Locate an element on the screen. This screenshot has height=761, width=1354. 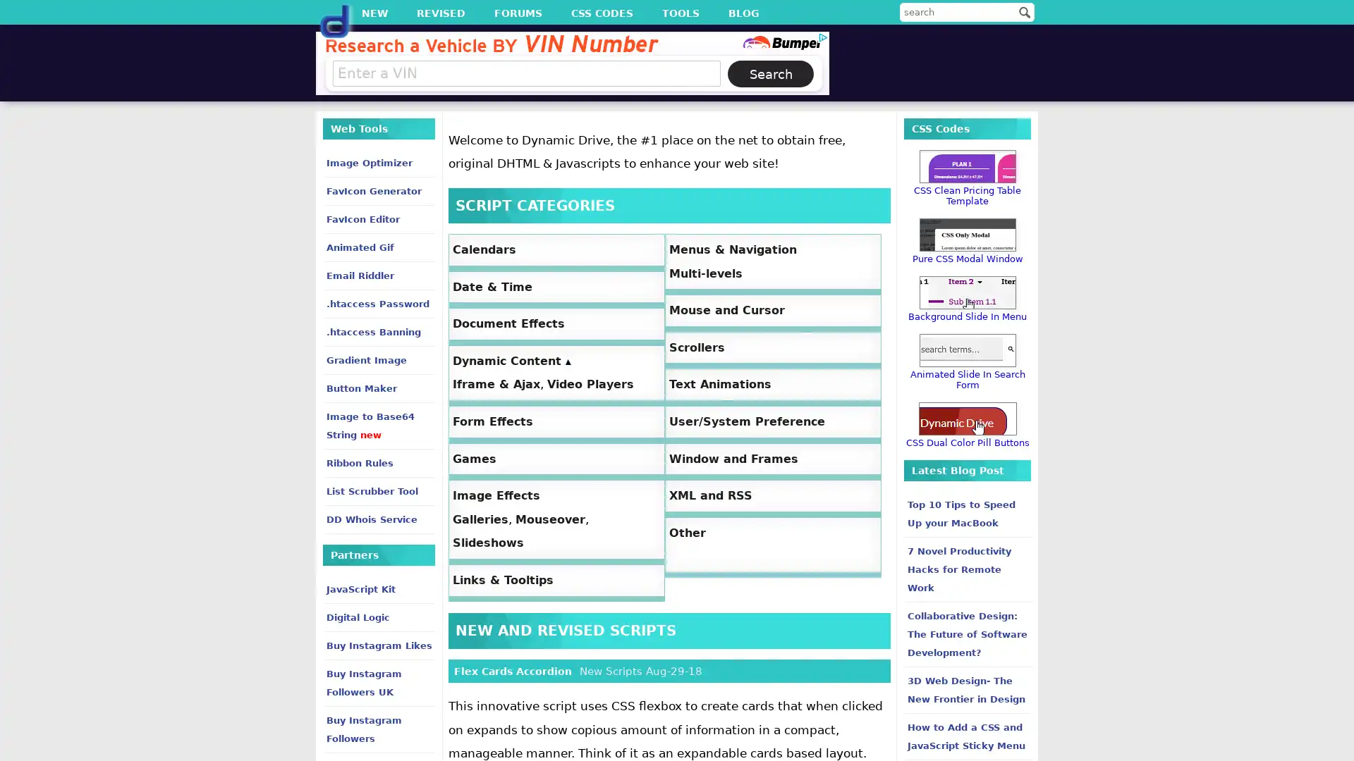
Submit is located at coordinates (1025, 11).